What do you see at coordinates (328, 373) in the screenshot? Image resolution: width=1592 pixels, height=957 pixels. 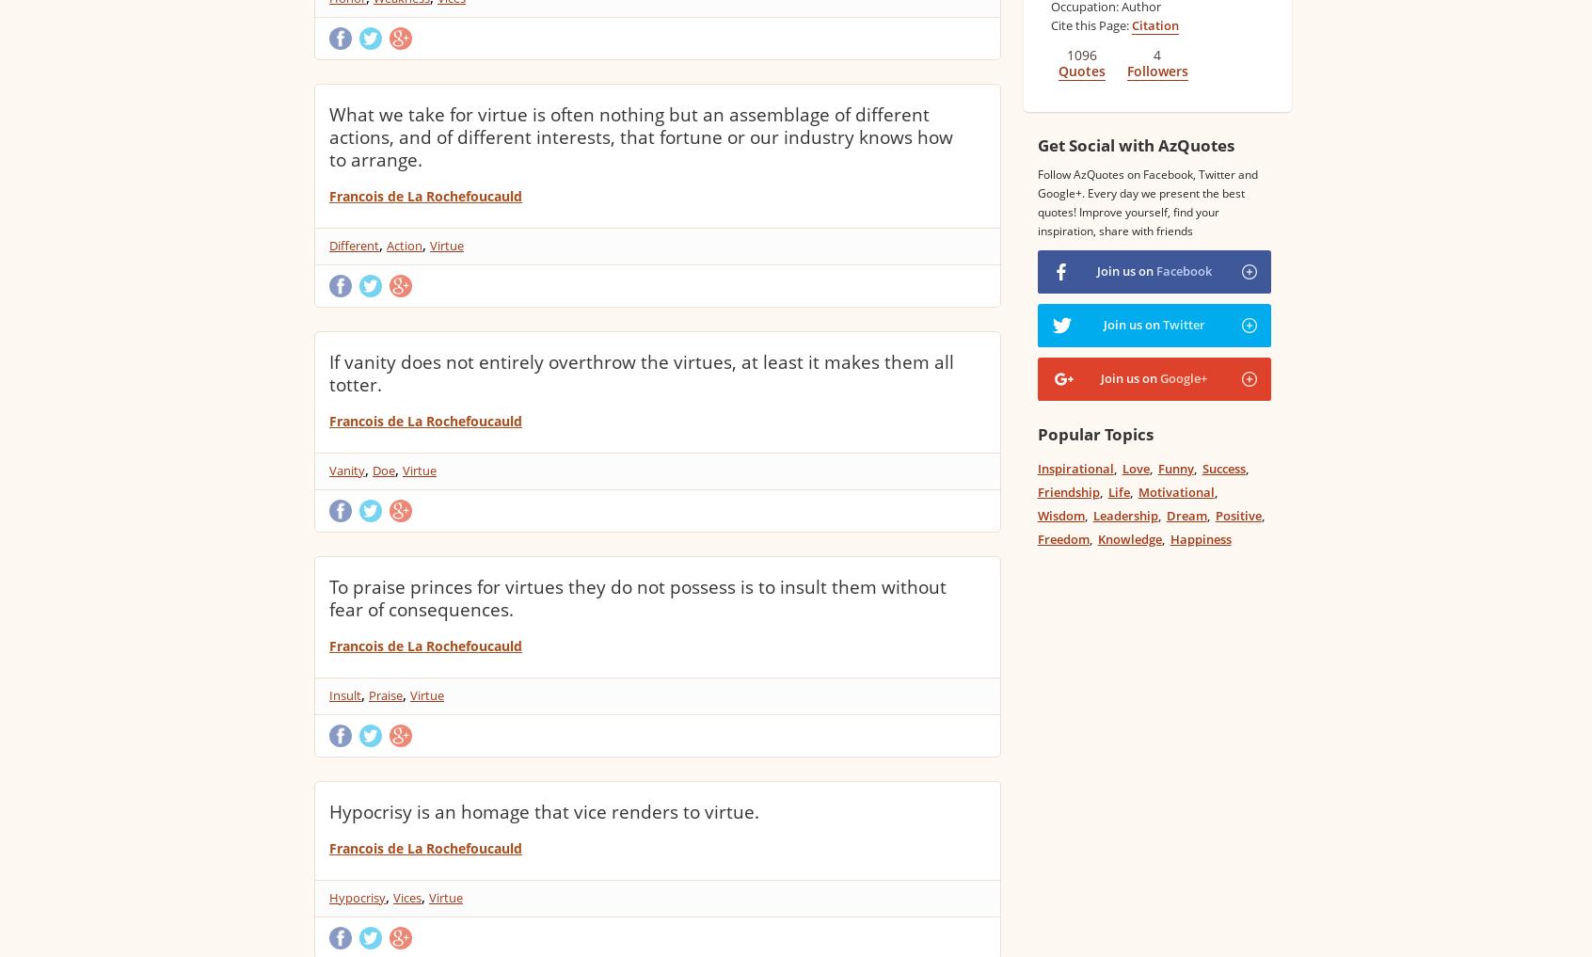 I see `'If vanity does not entirely overthrow the virtues, at least it makes them all totter.'` at bounding box center [328, 373].